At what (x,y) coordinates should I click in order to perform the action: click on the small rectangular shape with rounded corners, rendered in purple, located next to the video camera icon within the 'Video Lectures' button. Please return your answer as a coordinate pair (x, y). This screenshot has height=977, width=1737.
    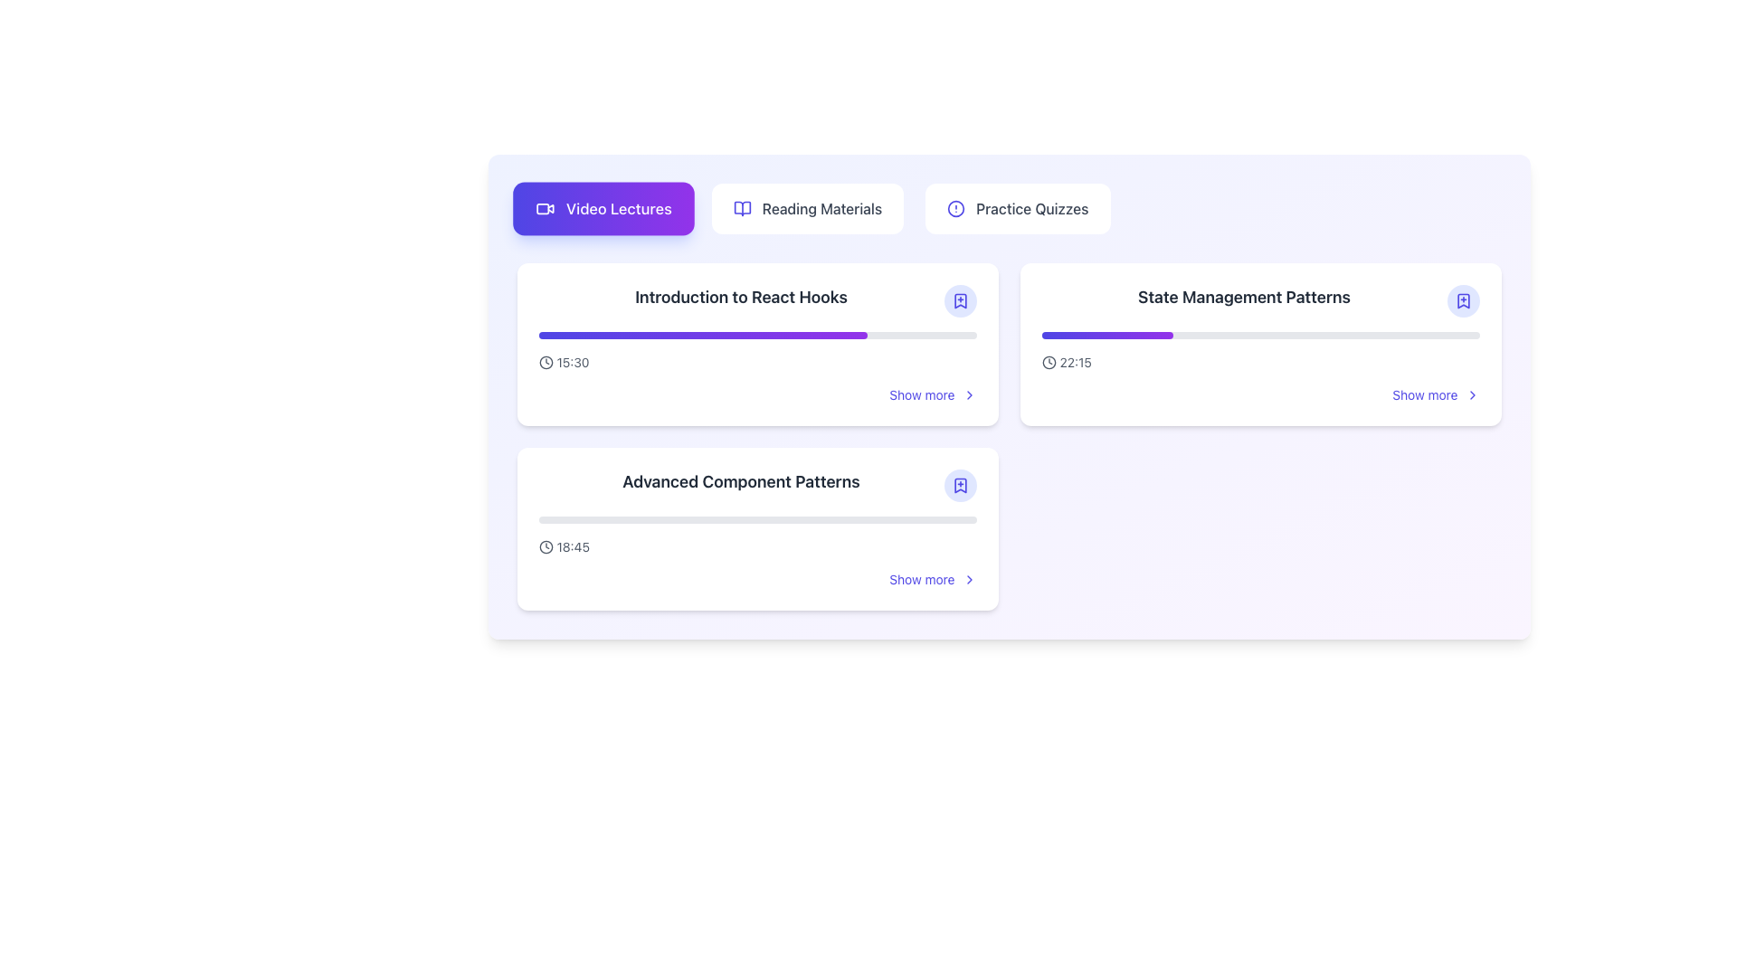
    Looking at the image, I should click on (541, 208).